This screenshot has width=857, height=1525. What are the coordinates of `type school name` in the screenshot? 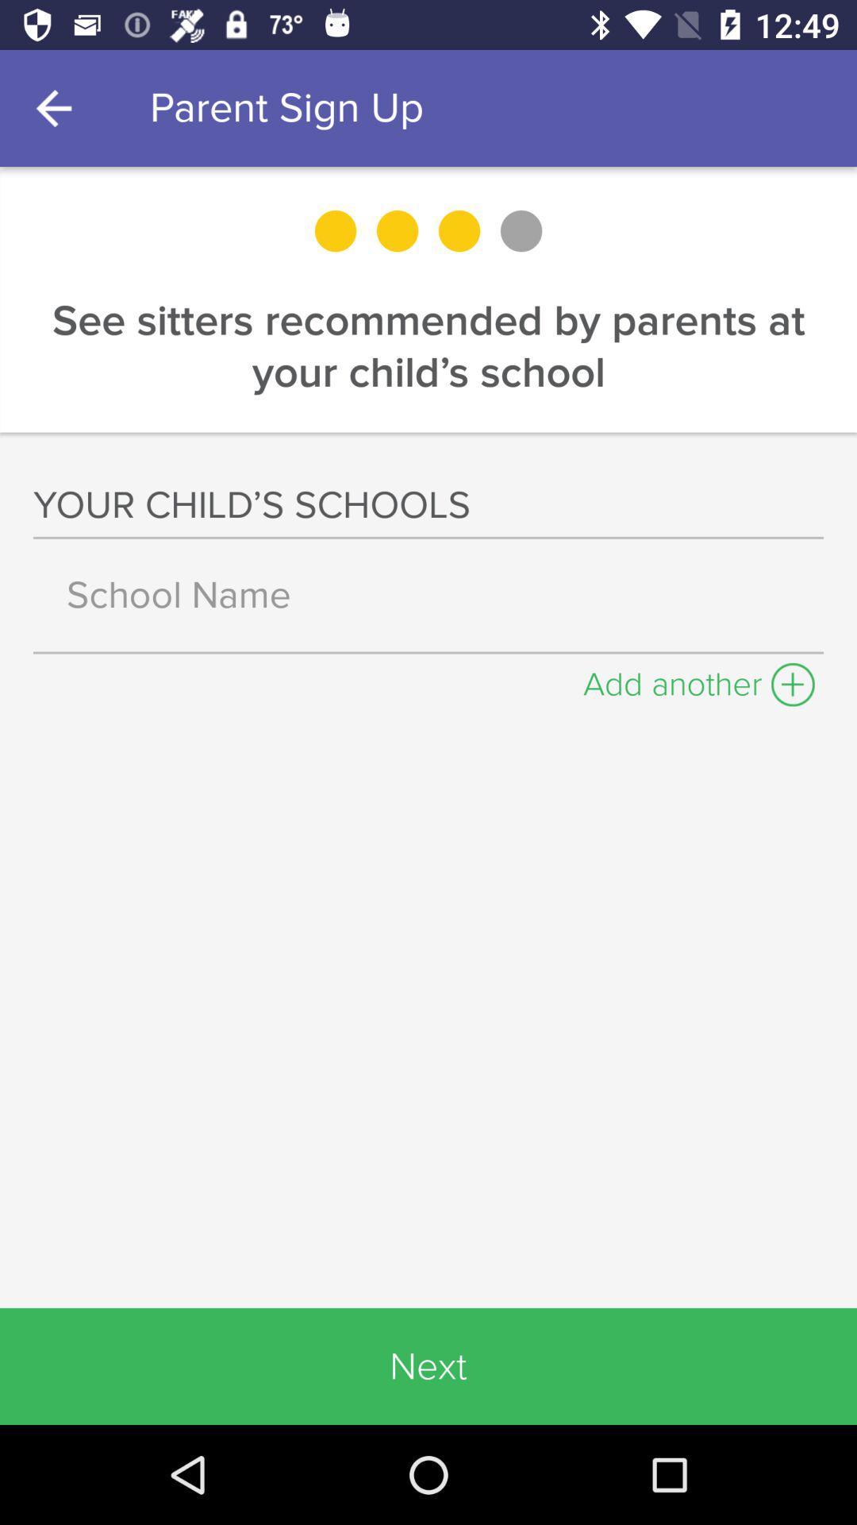 It's located at (428, 594).